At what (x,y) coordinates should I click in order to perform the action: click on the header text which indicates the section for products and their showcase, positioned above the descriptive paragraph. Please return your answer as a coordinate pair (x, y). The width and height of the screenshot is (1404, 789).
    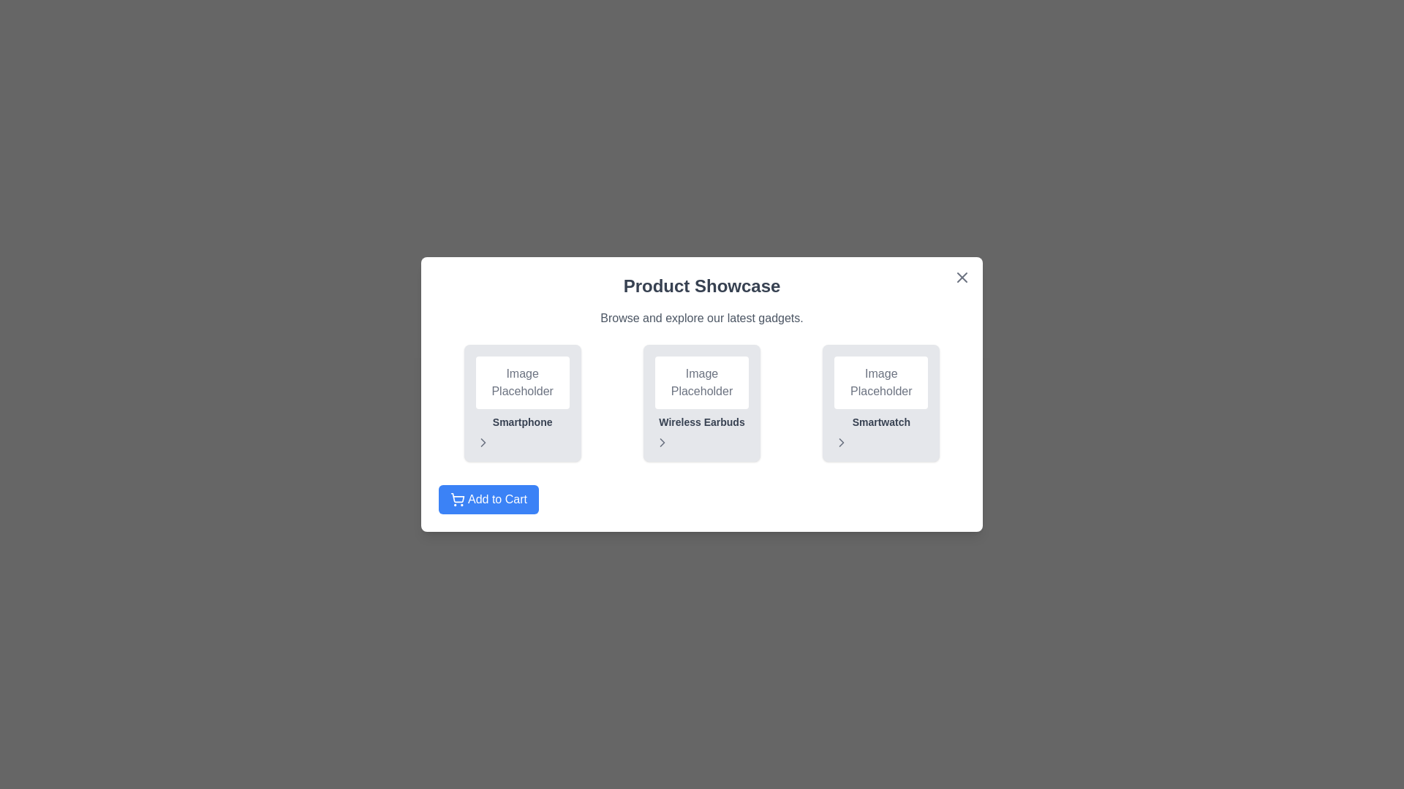
    Looking at the image, I should click on (702, 286).